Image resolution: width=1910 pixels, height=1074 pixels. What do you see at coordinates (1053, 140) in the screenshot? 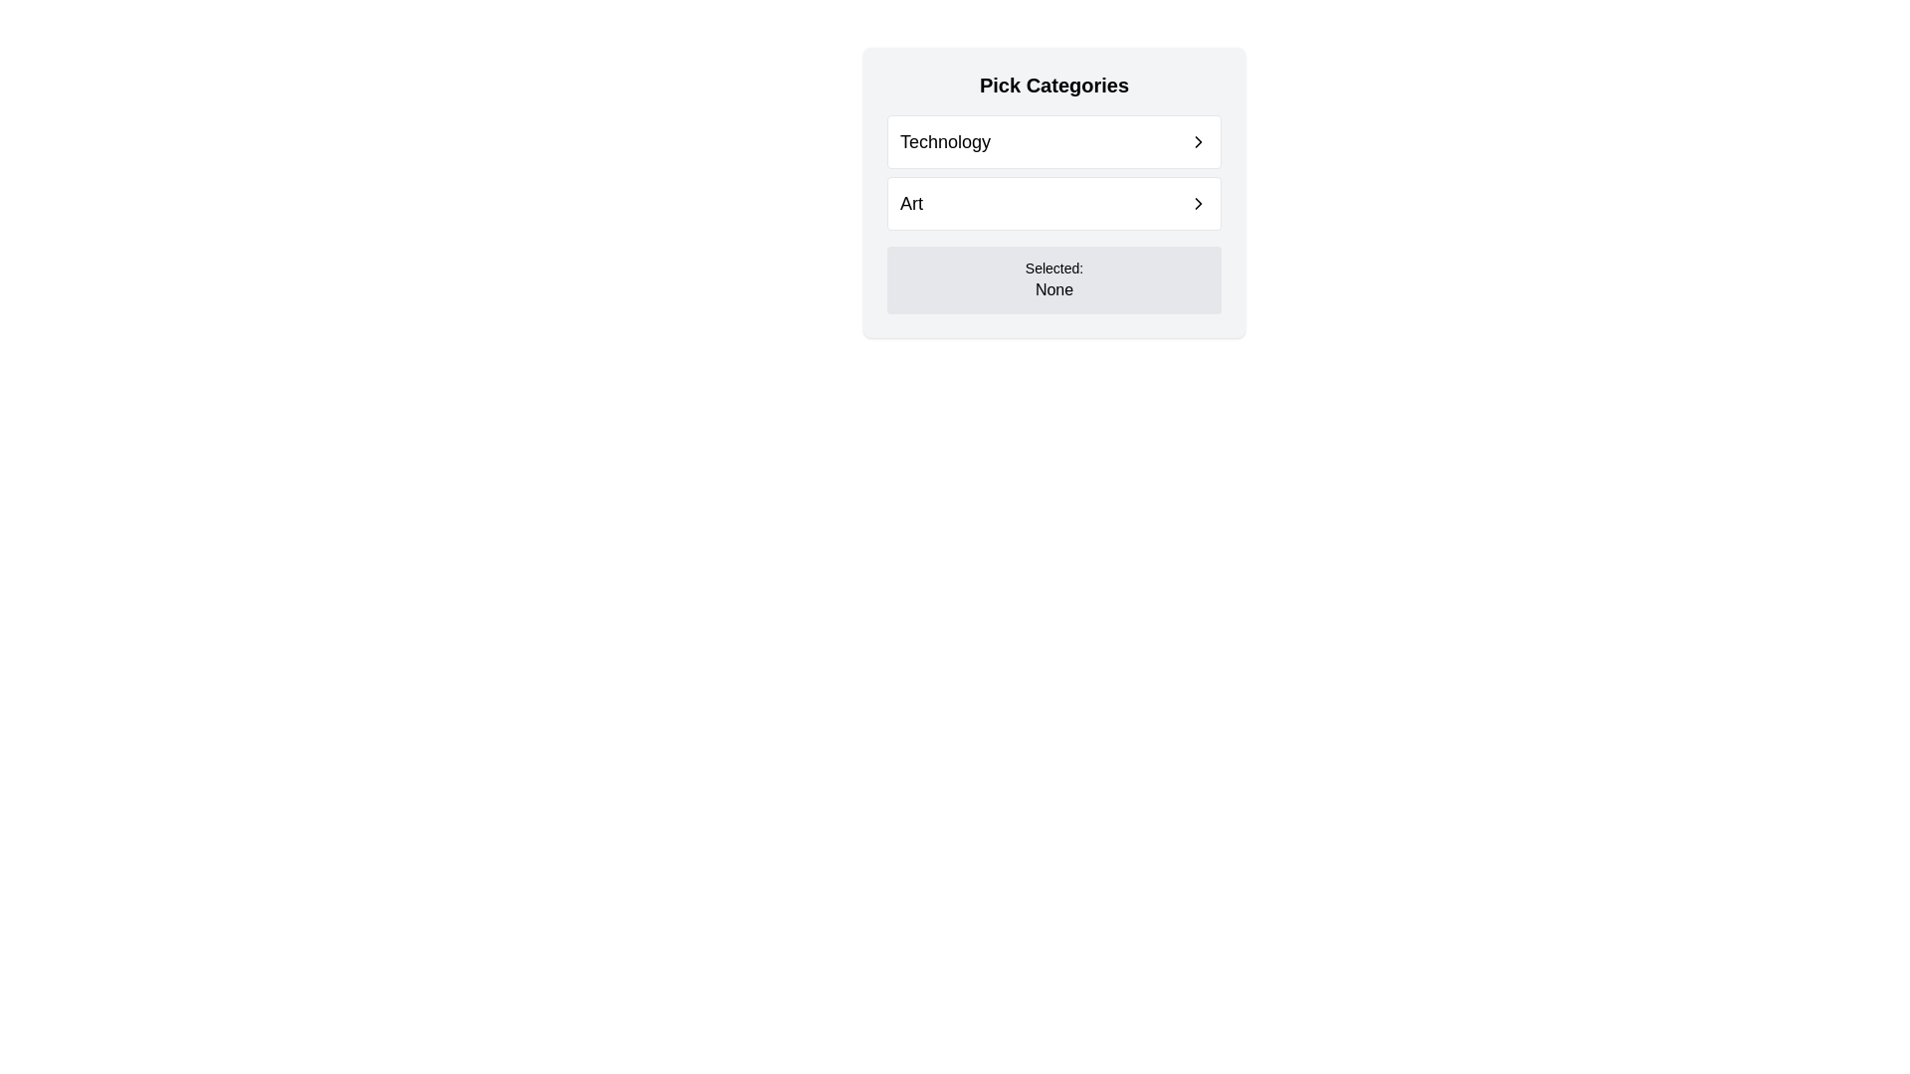
I see `the first selectable list item labeled under 'Pick Categories'` at bounding box center [1053, 140].